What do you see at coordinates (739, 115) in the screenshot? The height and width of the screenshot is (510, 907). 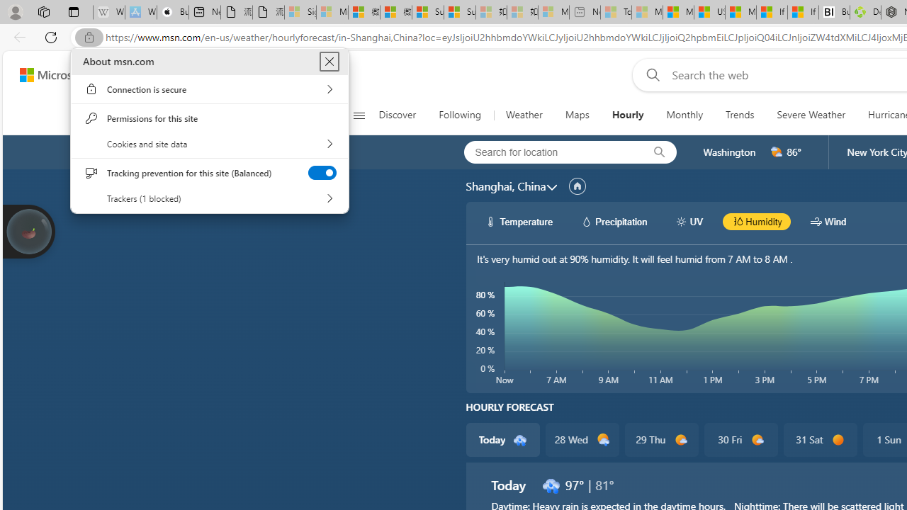 I see `'Trends'` at bounding box center [739, 115].